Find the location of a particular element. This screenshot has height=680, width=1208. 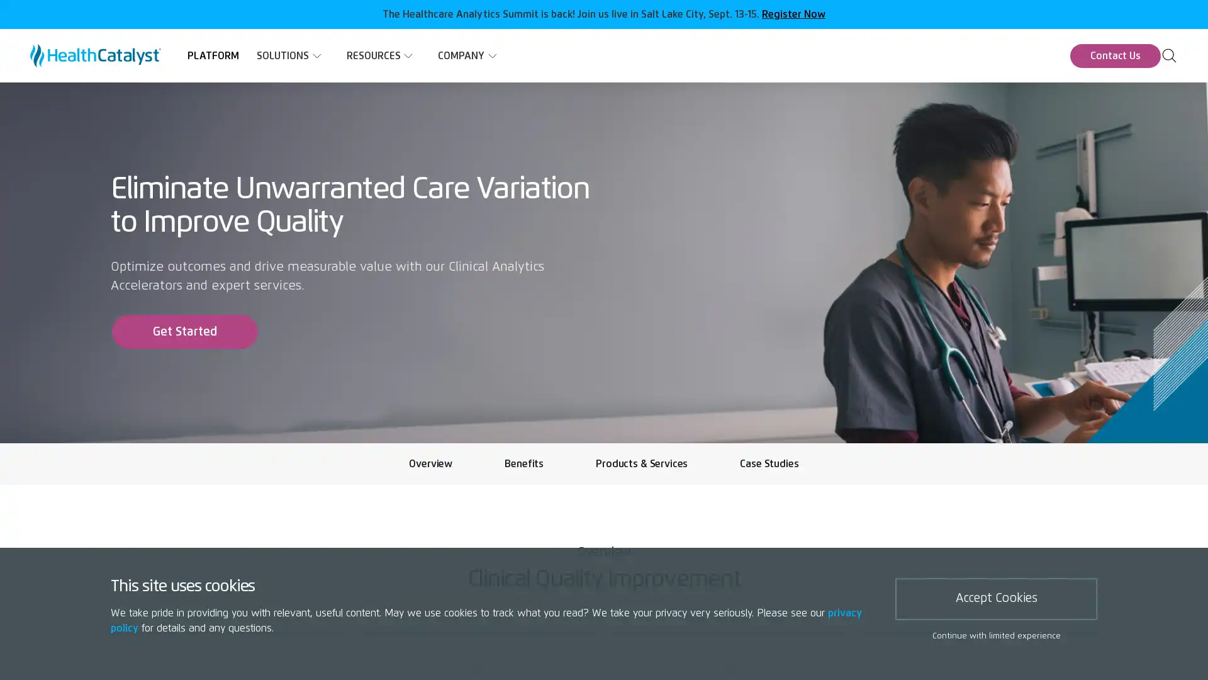

Continue with limited experience is located at coordinates (995, 635).